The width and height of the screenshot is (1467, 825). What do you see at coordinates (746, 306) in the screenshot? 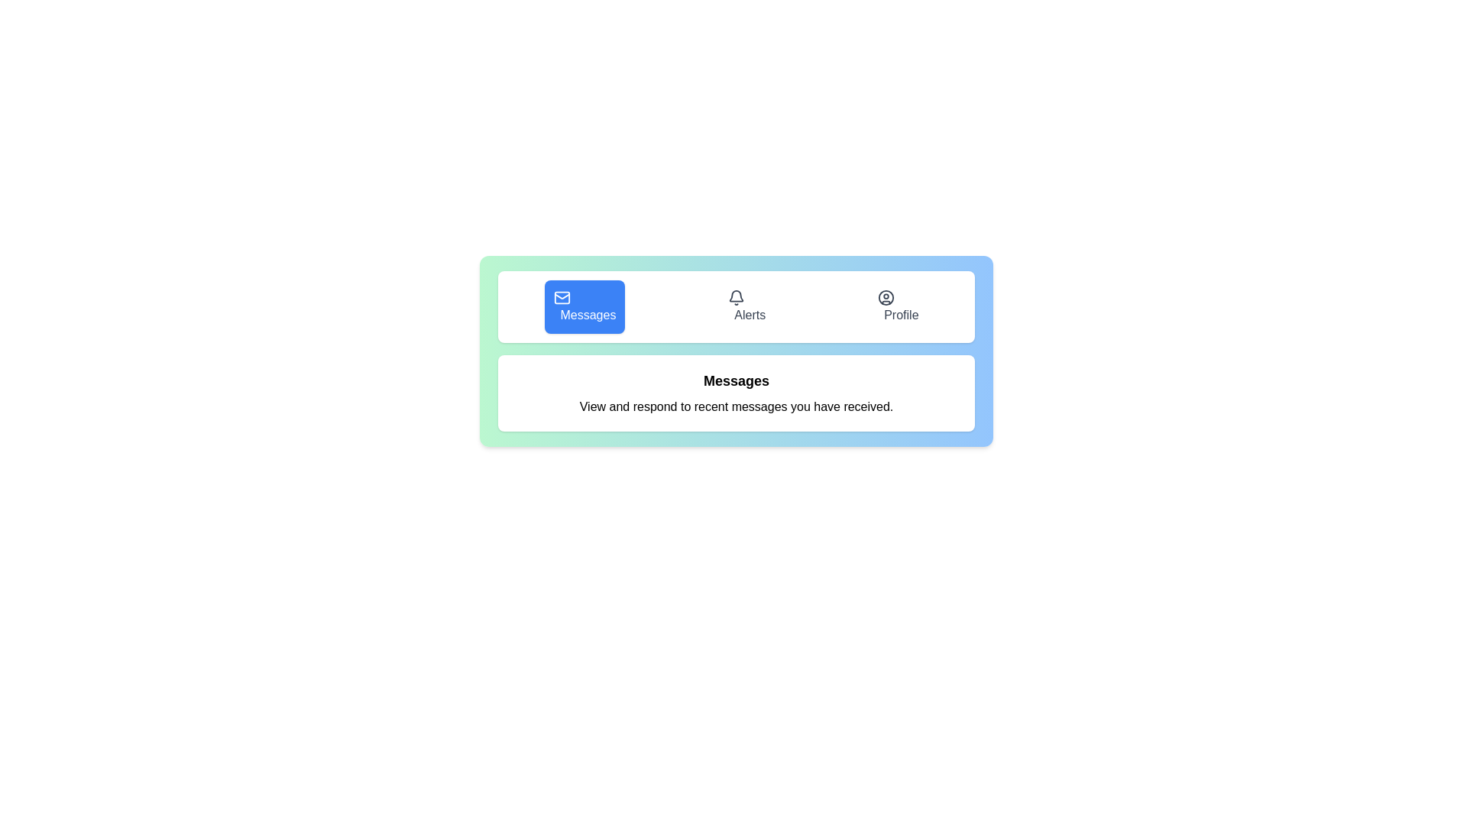
I see `the Alerts tab by clicking on its button` at bounding box center [746, 306].